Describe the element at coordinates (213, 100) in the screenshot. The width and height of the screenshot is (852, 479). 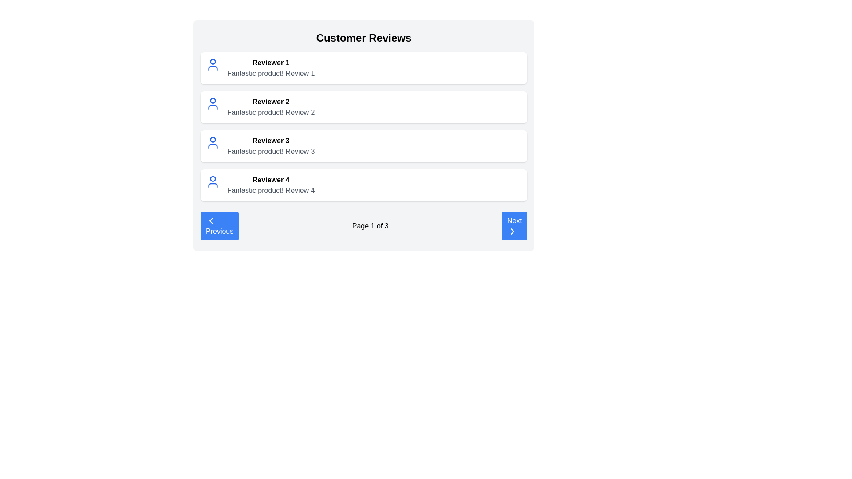
I see `the circular user icon graphic representing the head of the person, located to the left of the text 'Reviewer 2' in a vertical list` at that location.